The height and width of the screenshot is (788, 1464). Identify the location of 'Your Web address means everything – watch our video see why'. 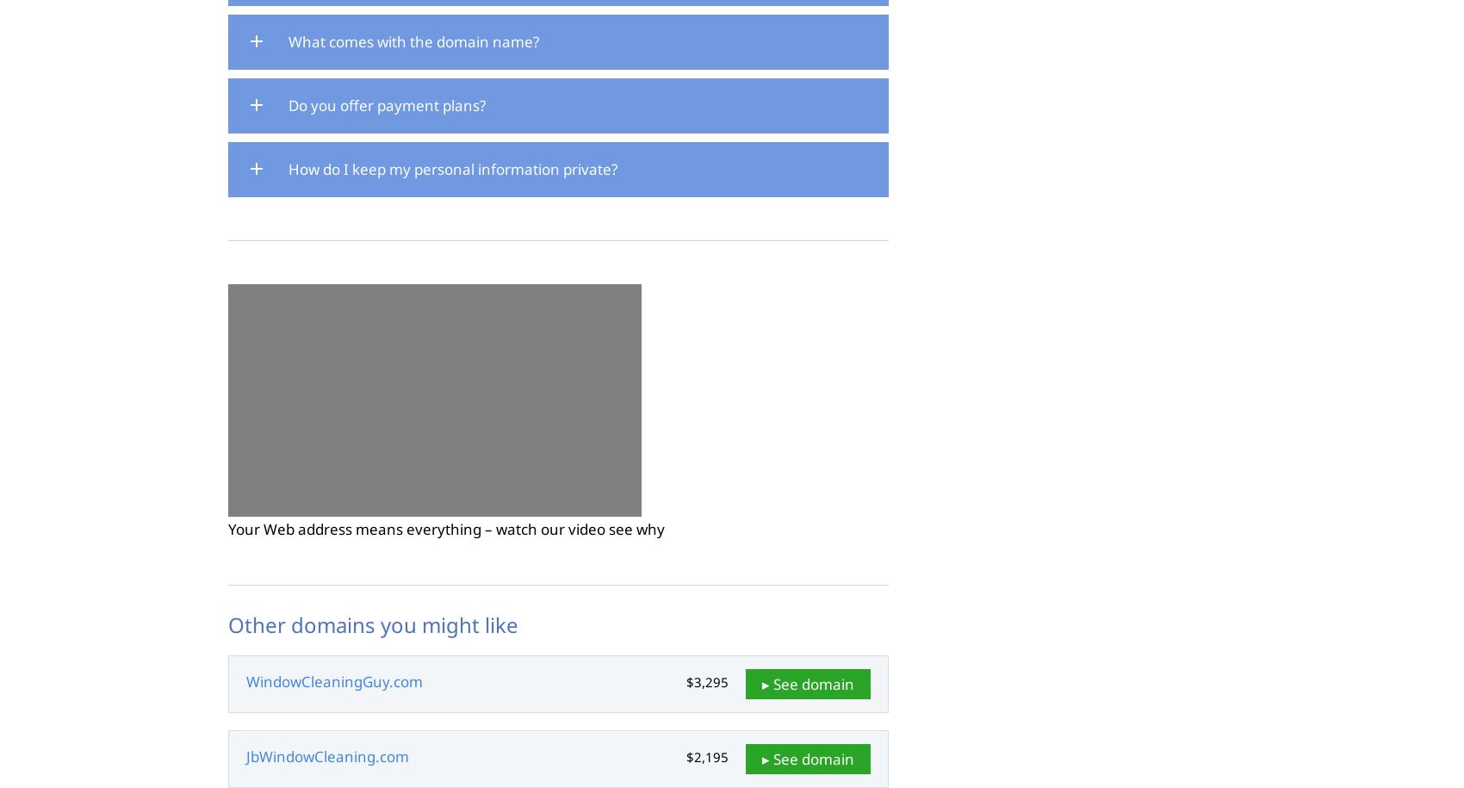
(446, 528).